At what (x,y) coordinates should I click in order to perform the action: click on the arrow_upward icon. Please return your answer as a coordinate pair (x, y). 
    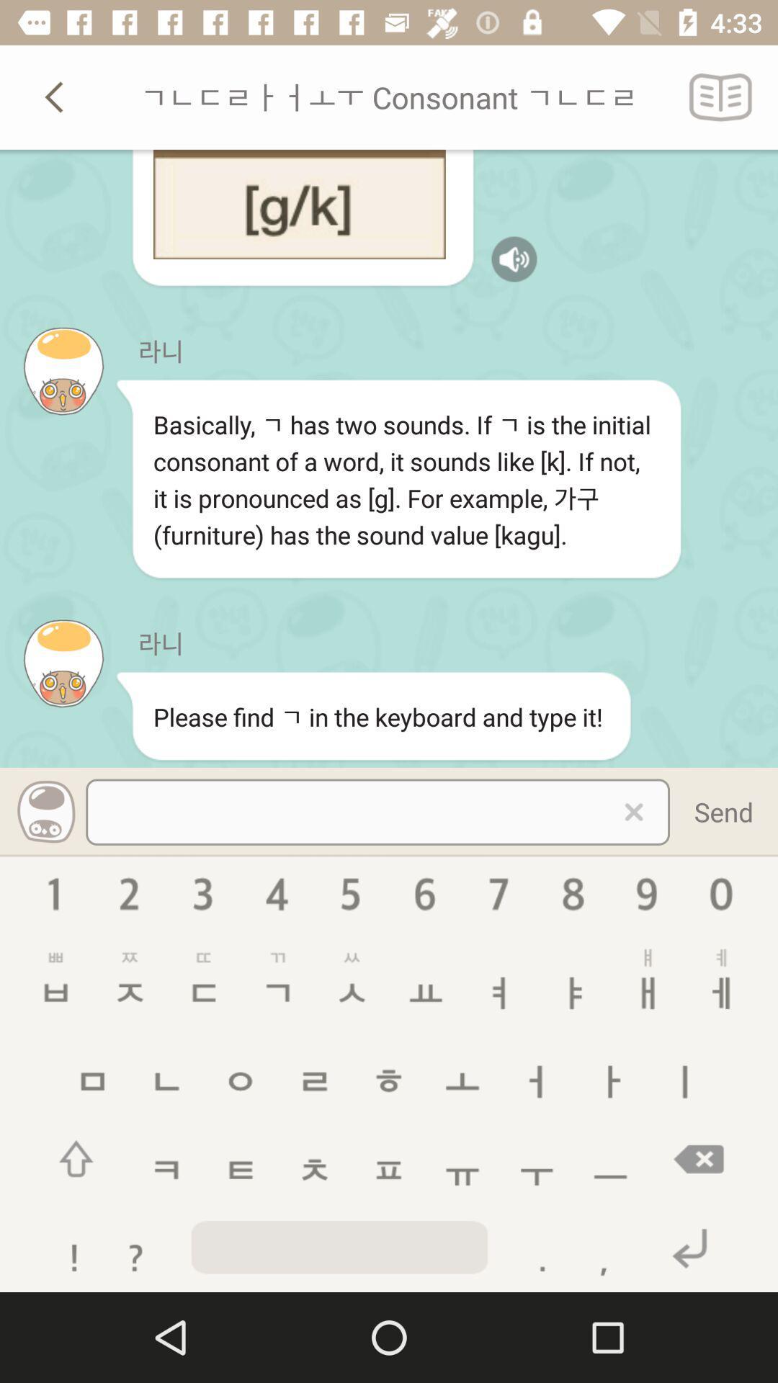
    Looking at the image, I should click on (76, 1159).